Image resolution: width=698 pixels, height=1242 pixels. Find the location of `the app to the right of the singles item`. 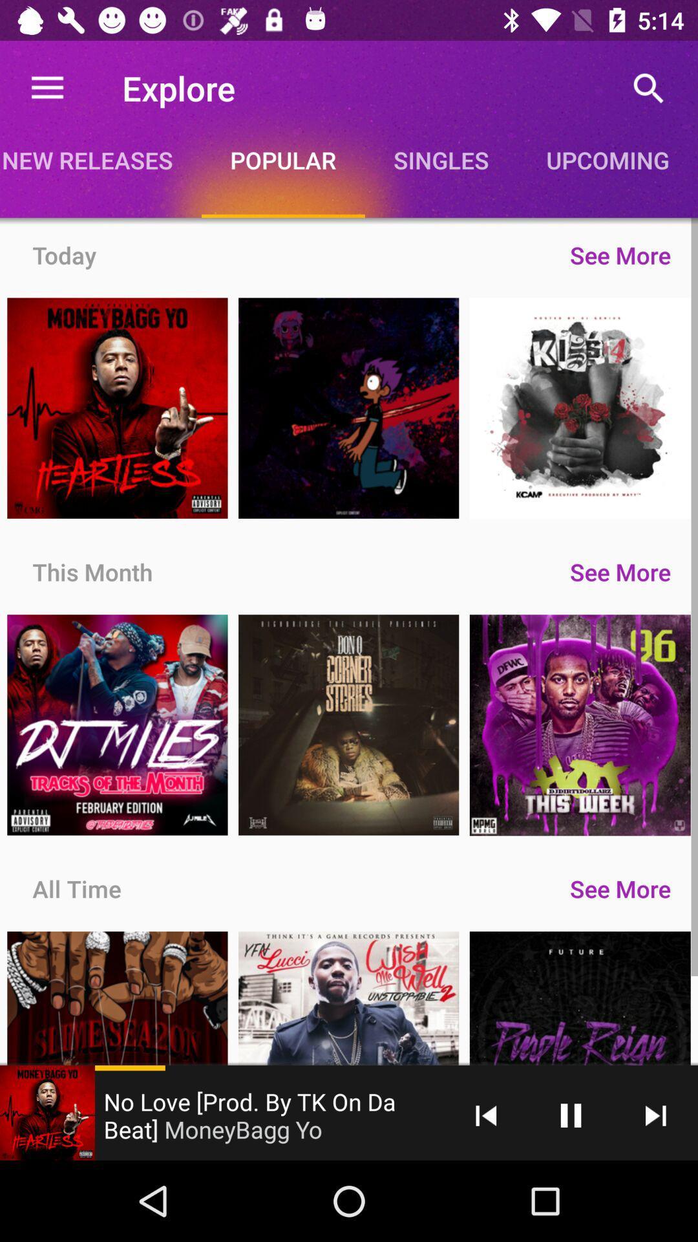

the app to the right of the singles item is located at coordinates (608, 159).